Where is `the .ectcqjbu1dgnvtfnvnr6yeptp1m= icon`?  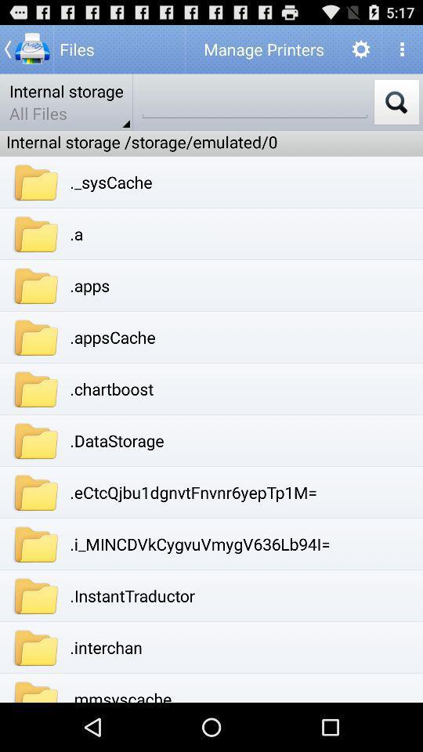 the .ectcqjbu1dgnvtfnvnr6yeptp1m= icon is located at coordinates (193, 491).